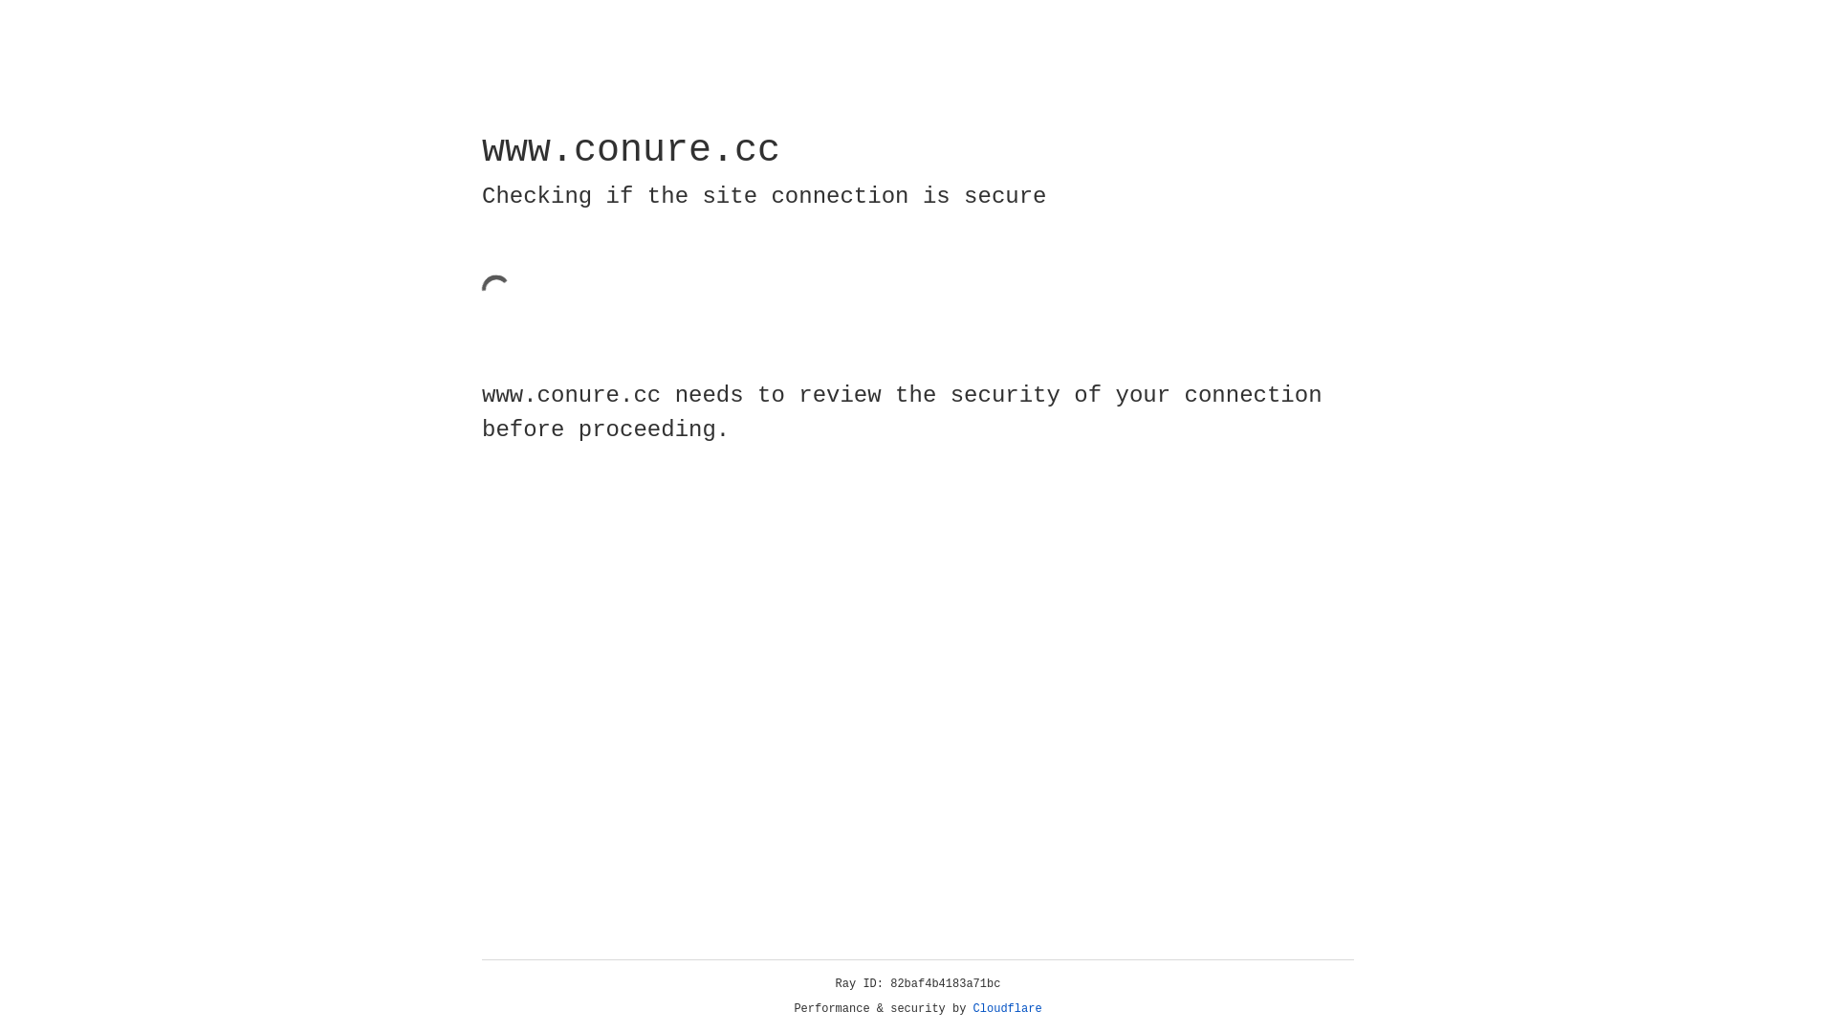  I want to click on 'Cloudflare', so click(973, 1008).